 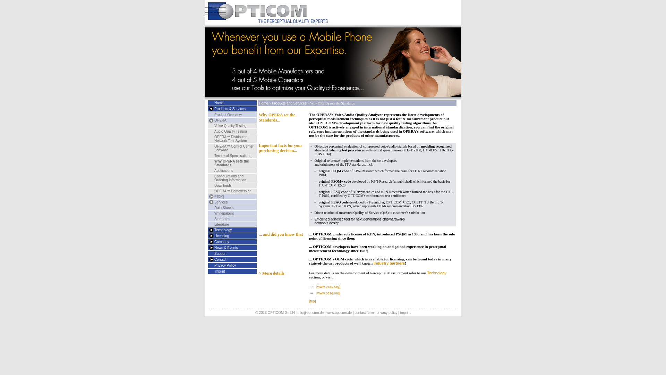 What do you see at coordinates (220, 253) in the screenshot?
I see `'Support'` at bounding box center [220, 253].